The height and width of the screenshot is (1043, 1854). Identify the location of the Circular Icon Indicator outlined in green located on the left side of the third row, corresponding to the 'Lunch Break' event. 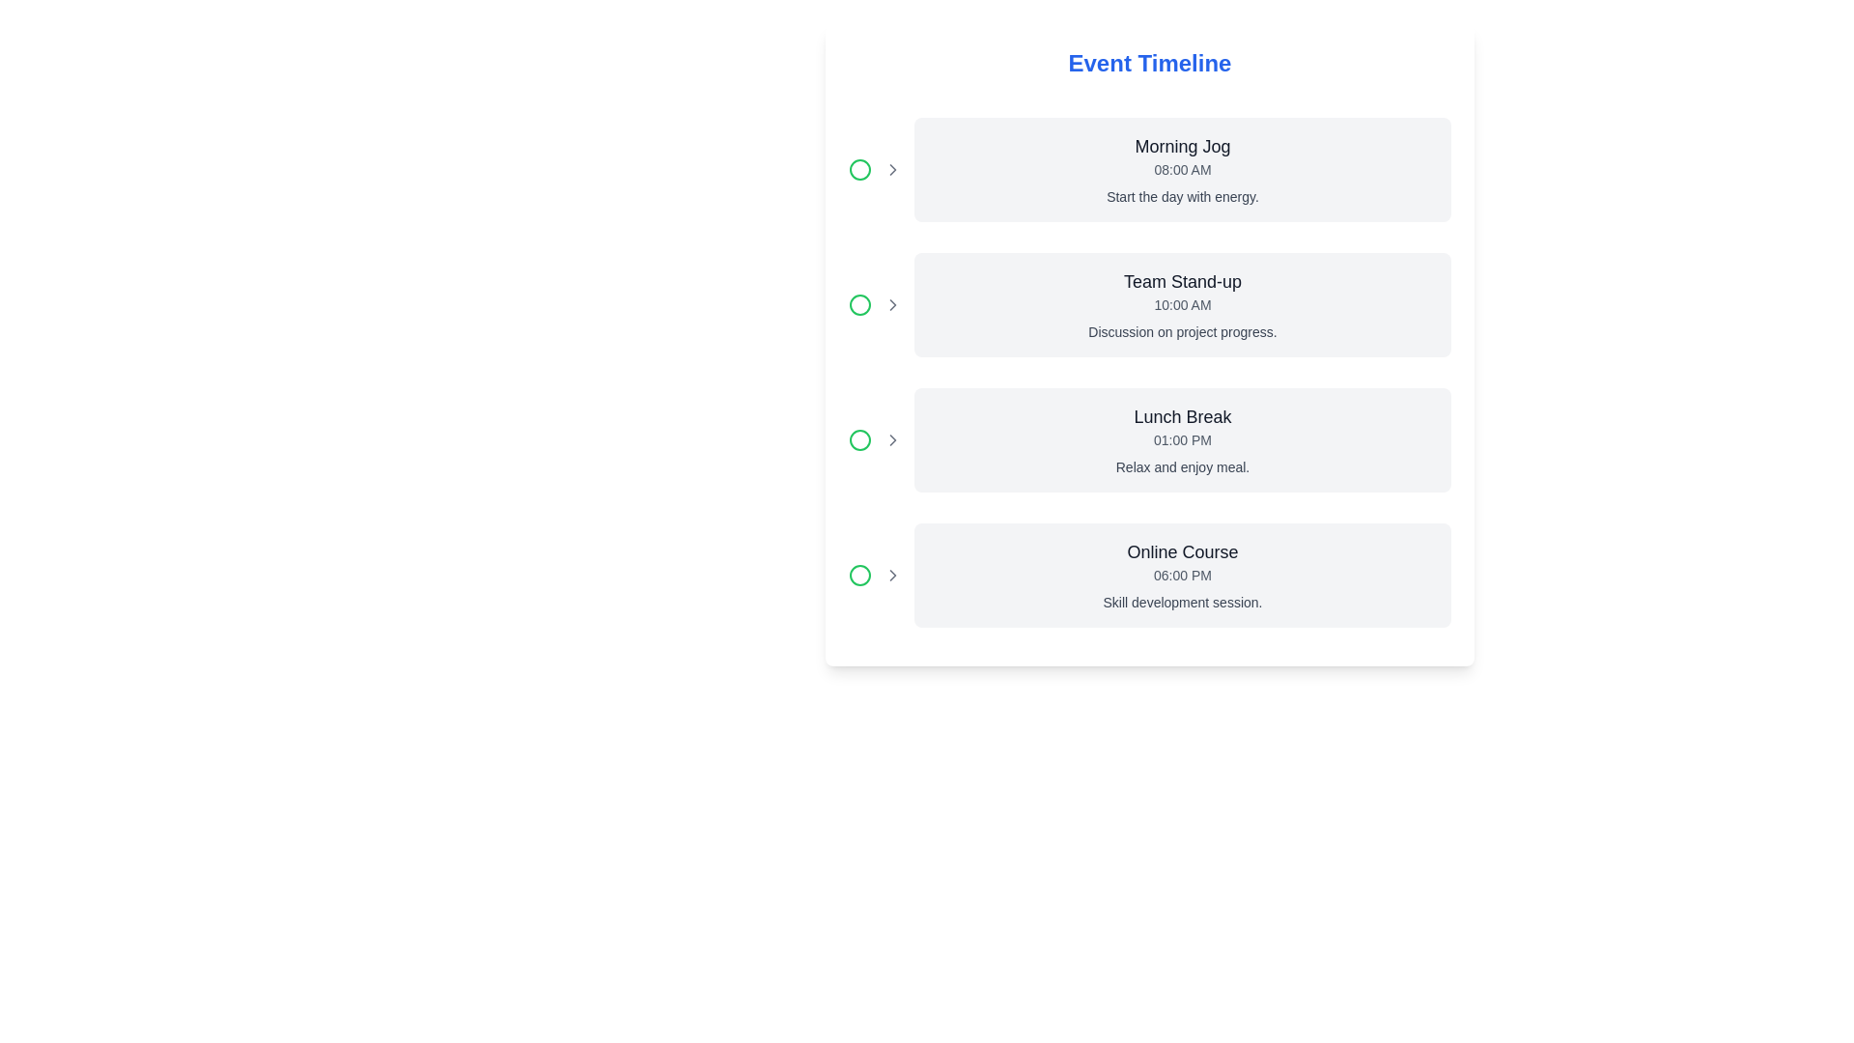
(859, 439).